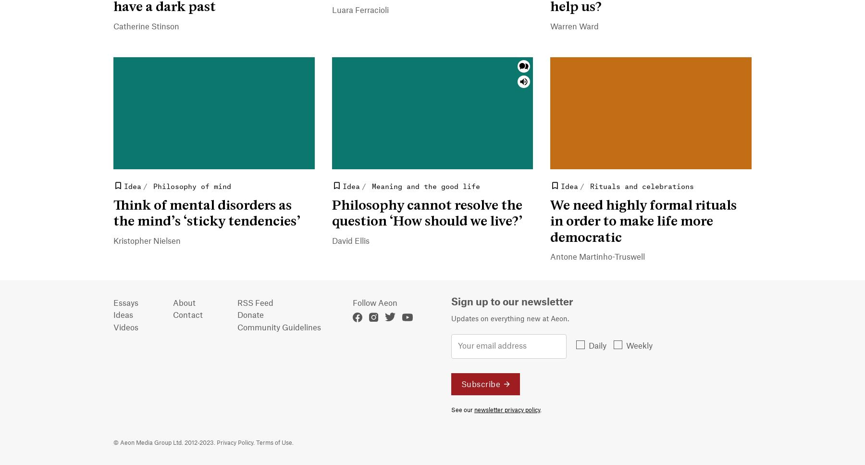  What do you see at coordinates (250, 315) in the screenshot?
I see `'Donate'` at bounding box center [250, 315].